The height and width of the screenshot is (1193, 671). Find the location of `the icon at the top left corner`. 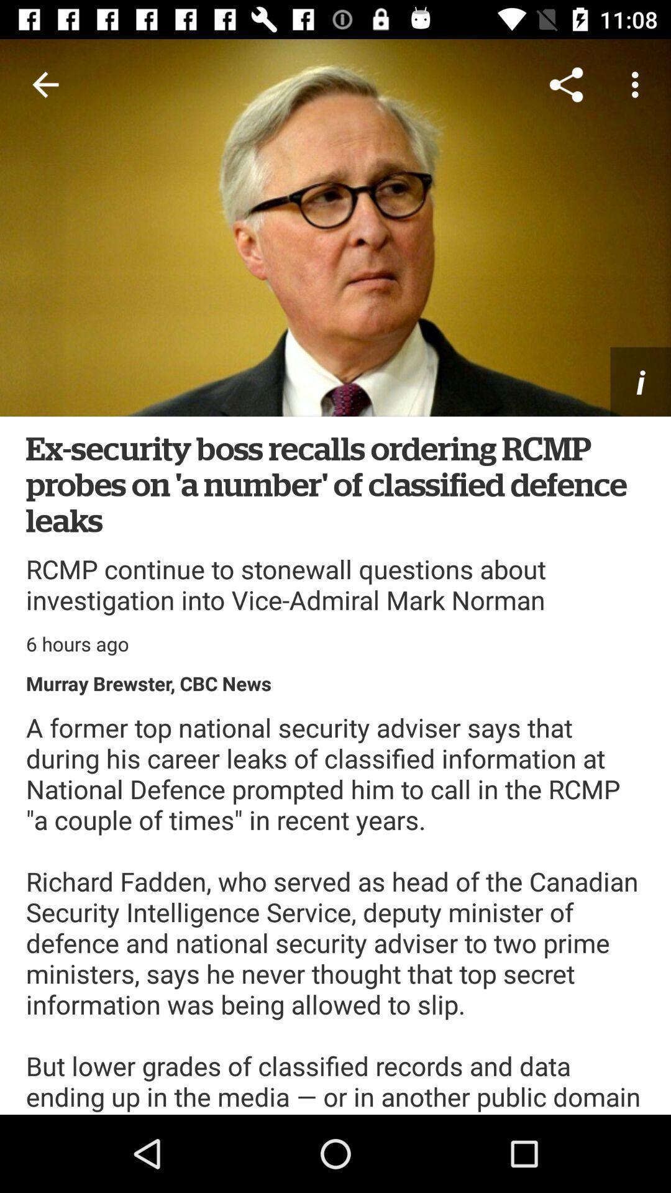

the icon at the top left corner is located at coordinates (45, 84).